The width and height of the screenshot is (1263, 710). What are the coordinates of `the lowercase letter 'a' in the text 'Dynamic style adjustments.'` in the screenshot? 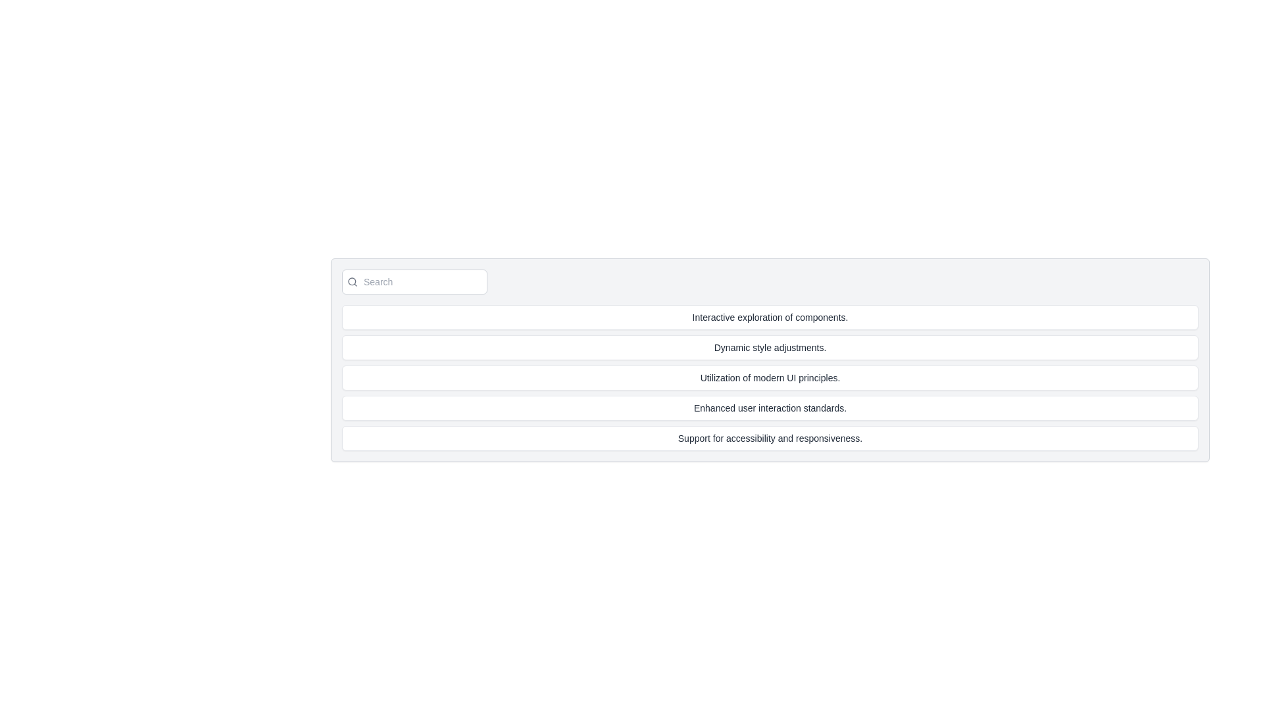 It's located at (776, 346).